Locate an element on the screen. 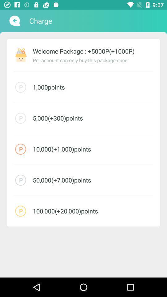  the icon on left to the button charge on the web page is located at coordinates (14, 21).